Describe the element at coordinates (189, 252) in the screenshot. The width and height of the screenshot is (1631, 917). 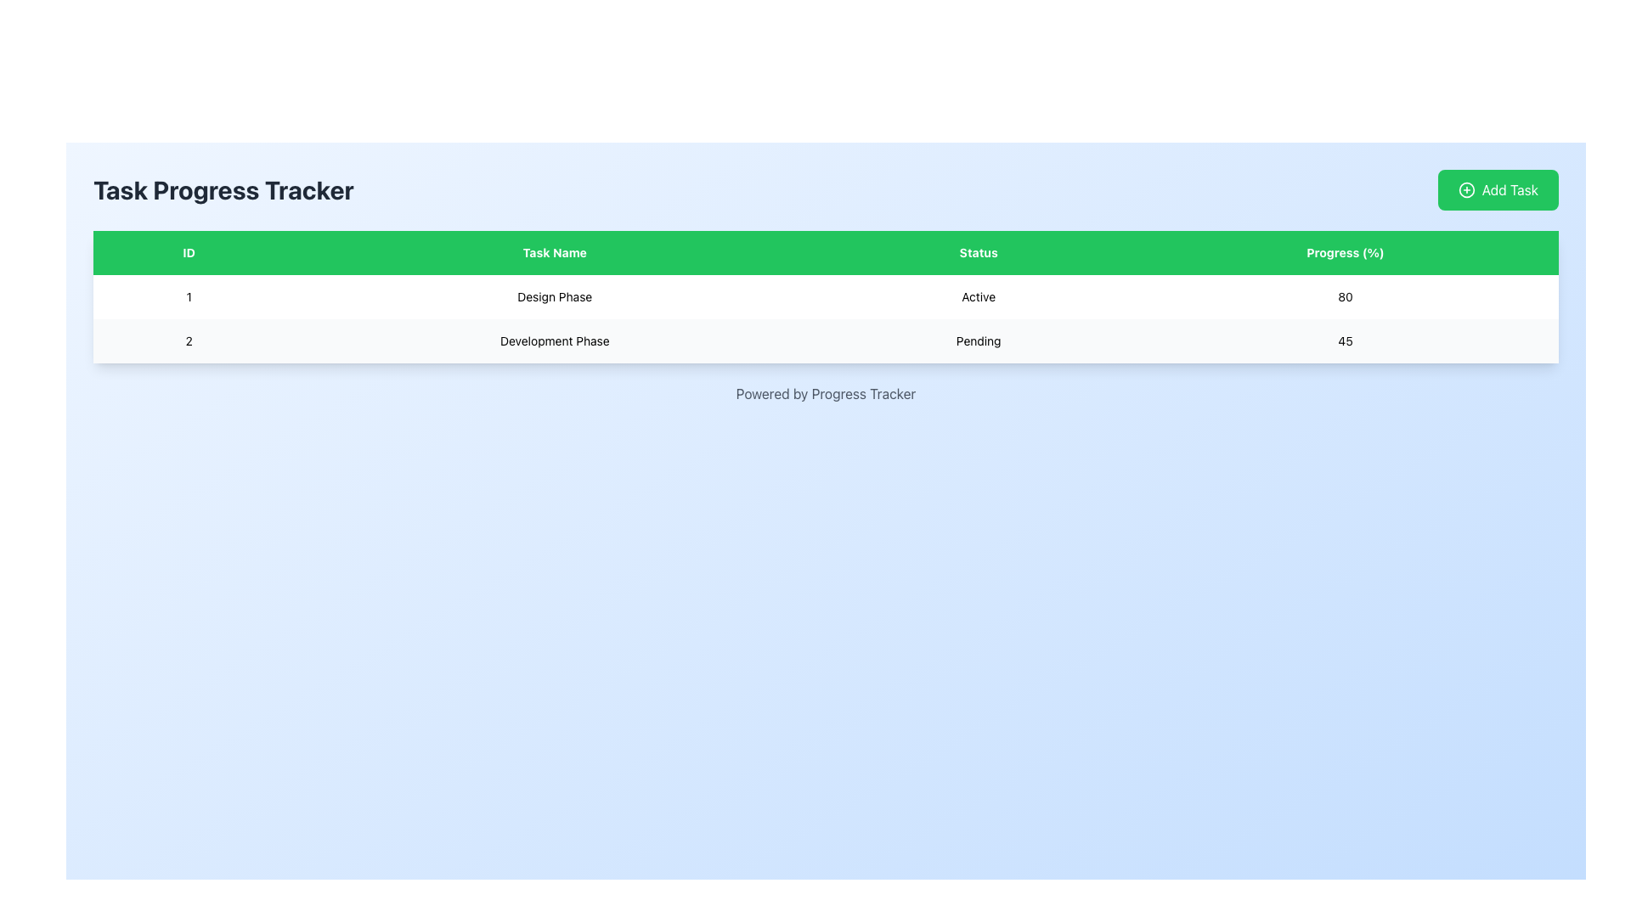
I see `the green rectangular section at the top-left of the table header containing the centered text 'ID'` at that location.